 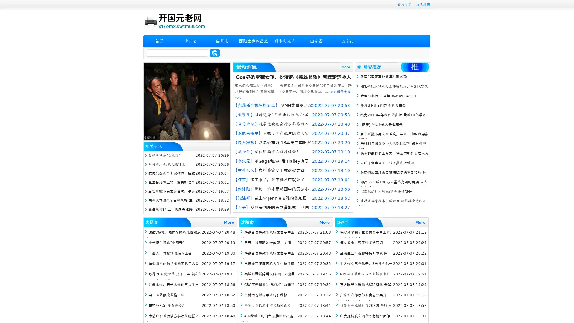 I want to click on Search, so click(x=215, y=53).